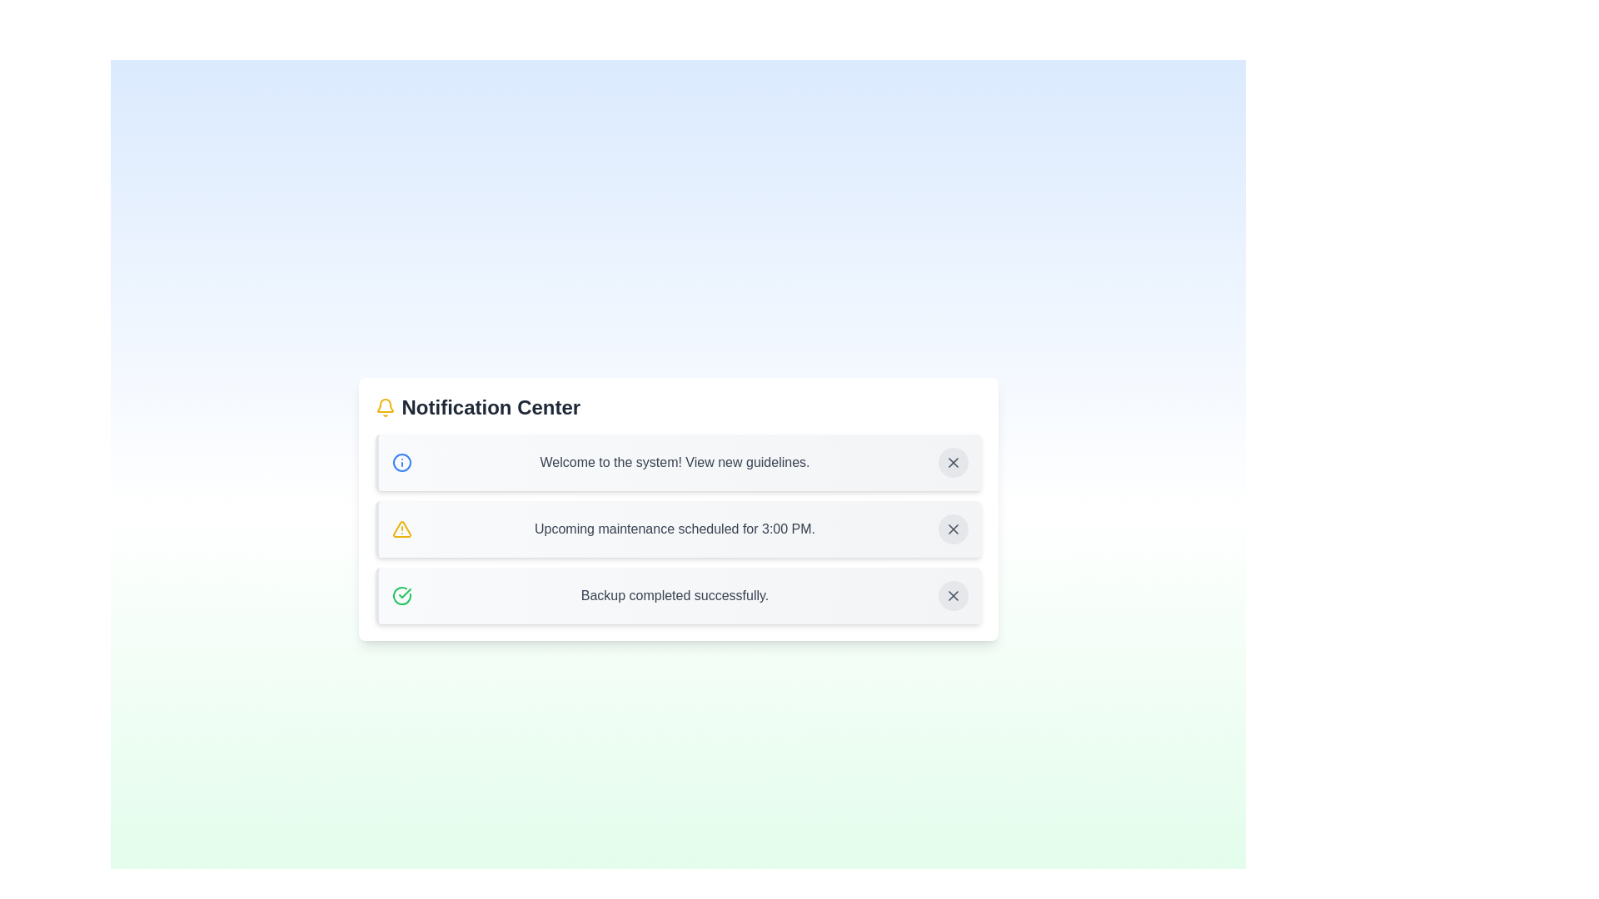  I want to click on the circular button with a light gray background and an 'X' icon, so click(953, 529).